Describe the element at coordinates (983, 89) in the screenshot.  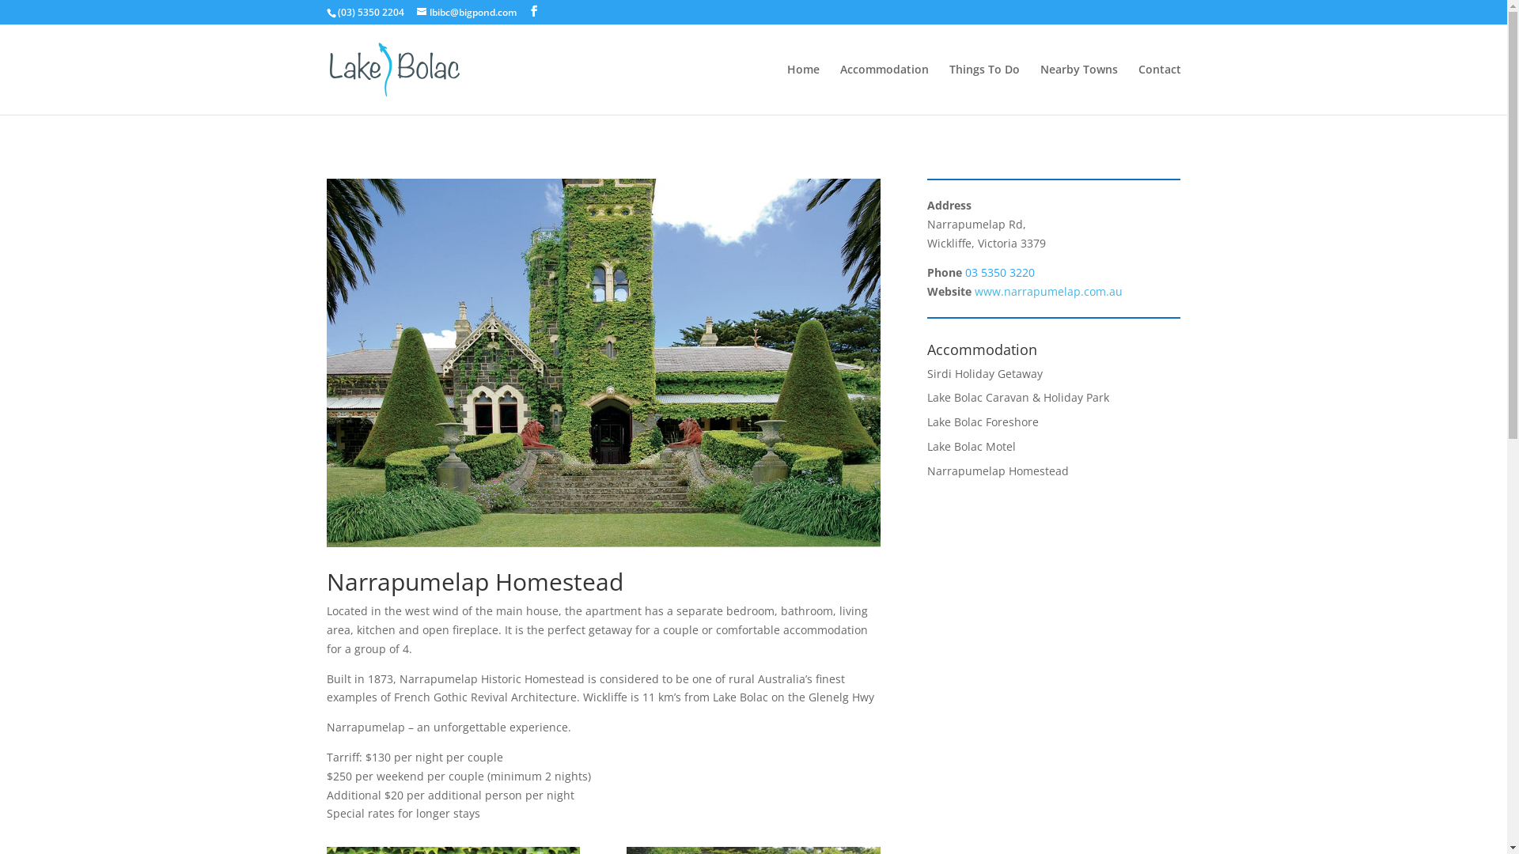
I see `'Things To Do'` at that location.